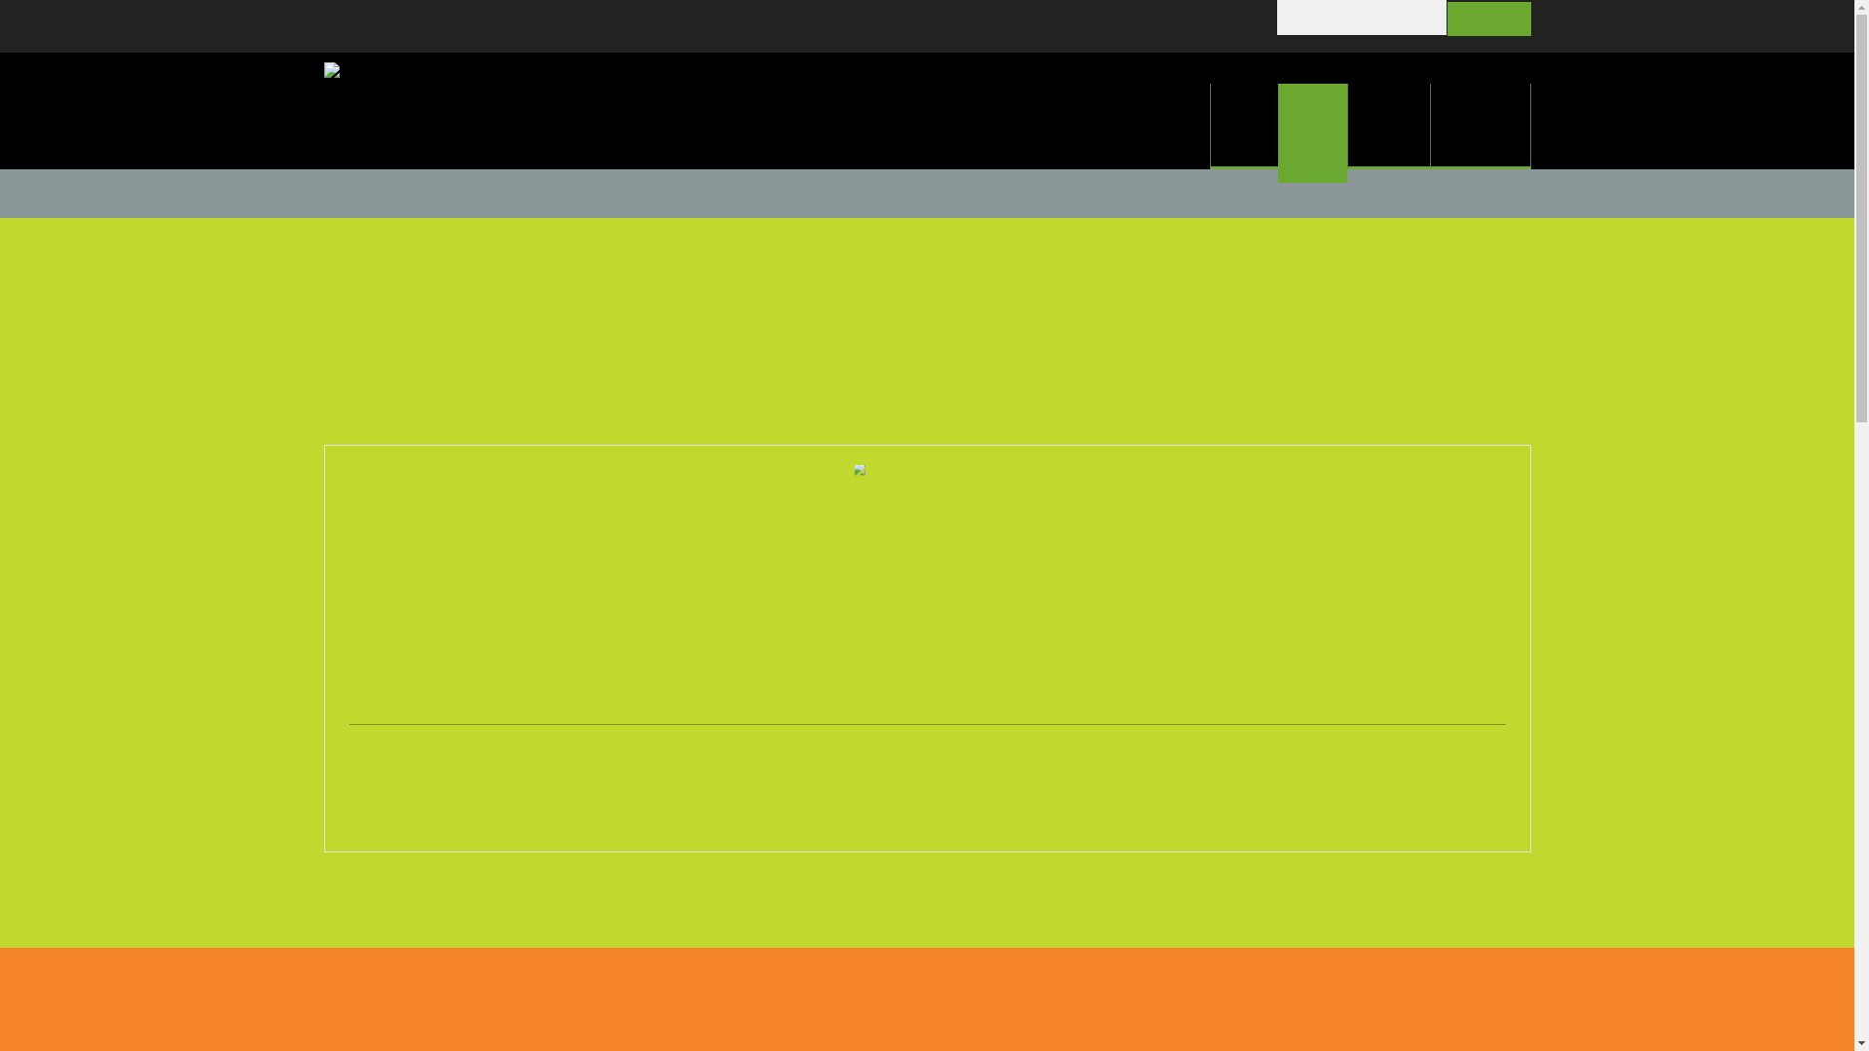  Describe the element at coordinates (428, 81) in the screenshot. I see `'Go to site home page'` at that location.